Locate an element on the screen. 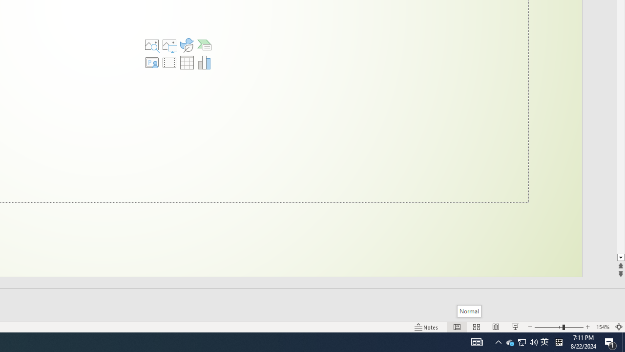  'Pictures' is located at coordinates (169, 45).